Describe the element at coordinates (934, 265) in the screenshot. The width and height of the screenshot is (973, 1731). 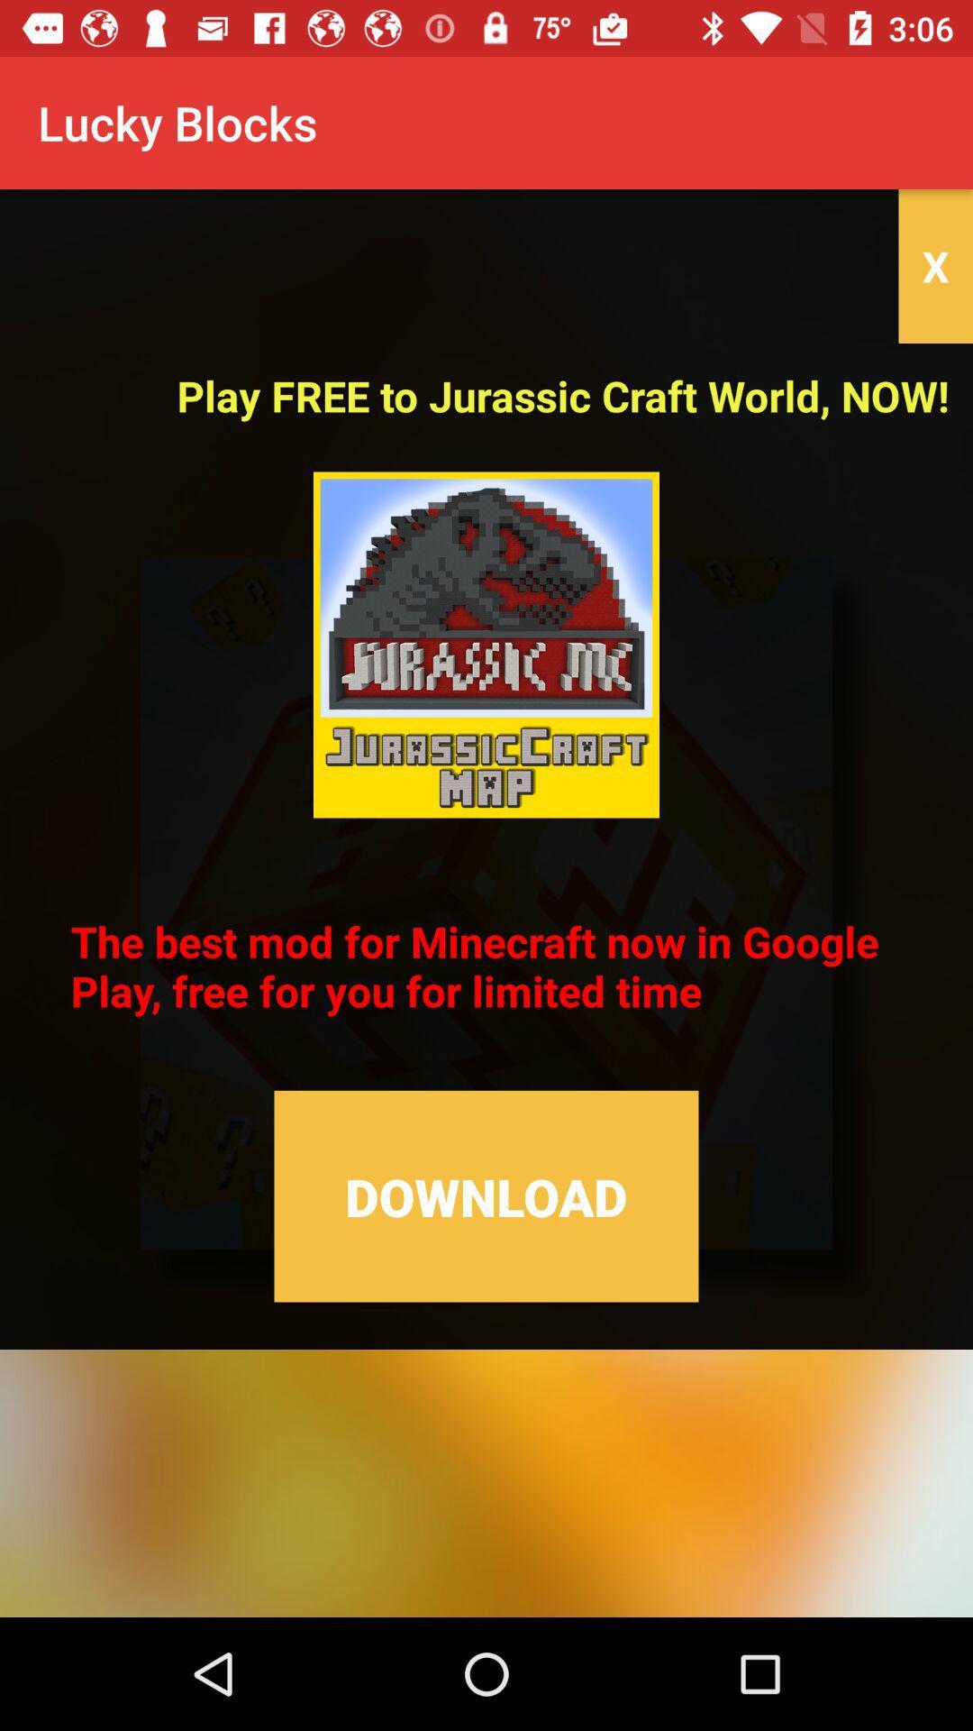
I see `the x at the top right corner` at that location.